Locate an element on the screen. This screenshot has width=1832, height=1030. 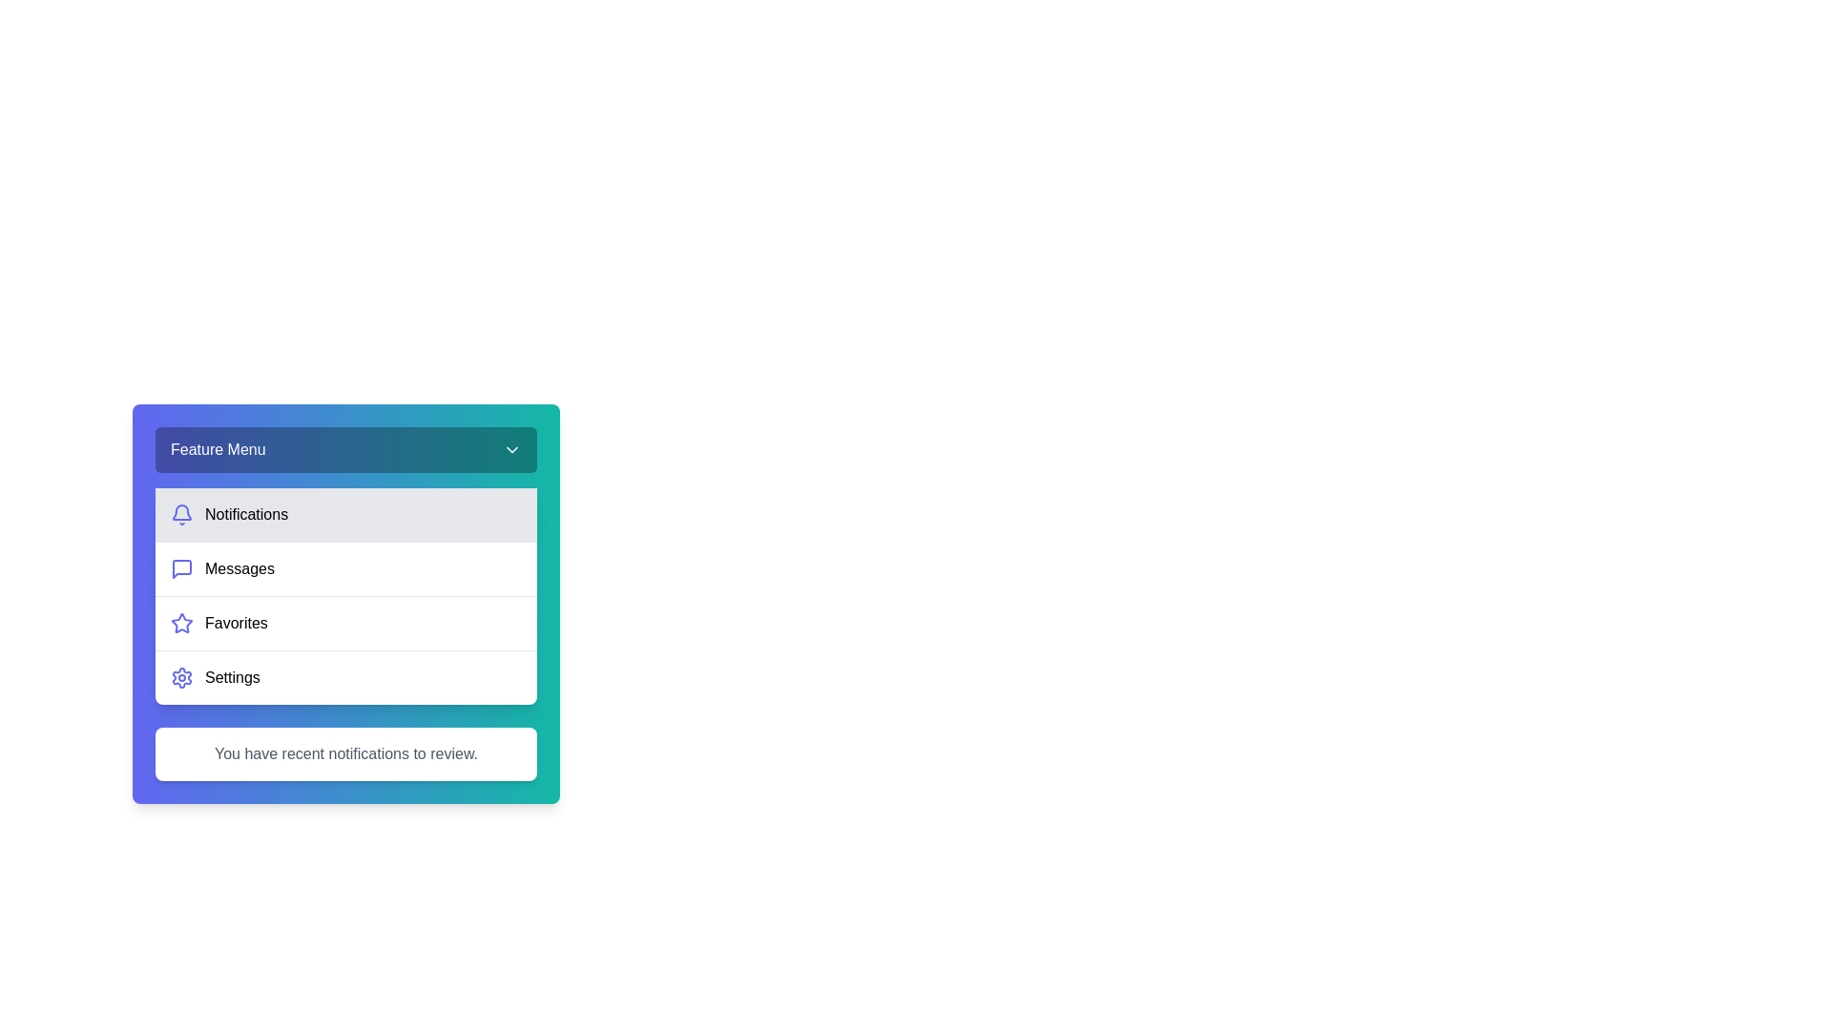
the downward-pointing chevron icon on the right side of the 'Feature Menu' header is located at coordinates (512, 449).